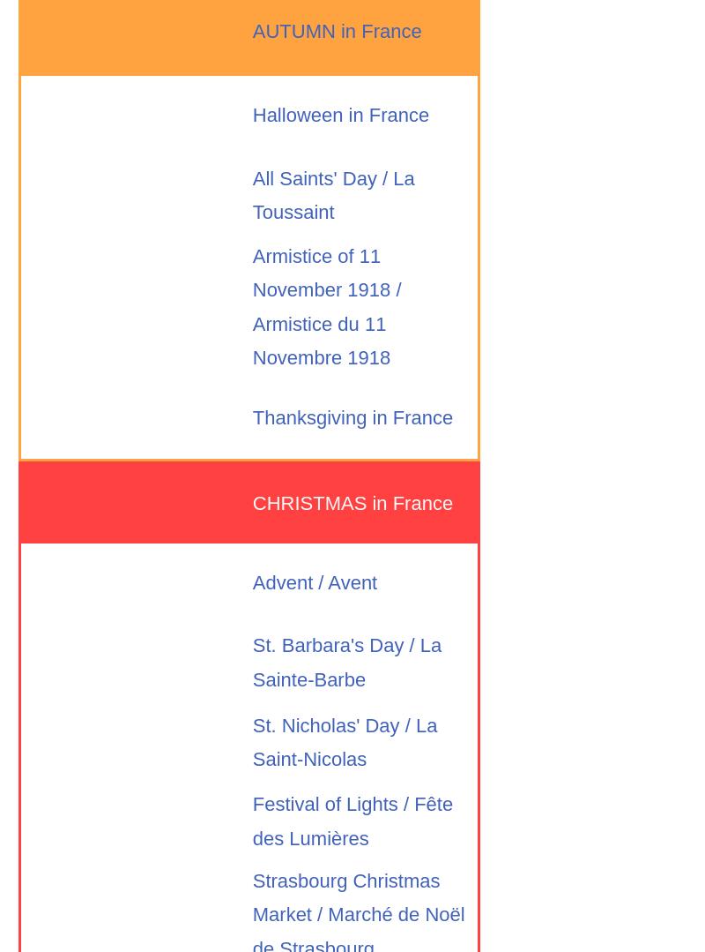 The width and height of the screenshot is (705, 952). I want to click on 'All Saints' Day / La Toussaint', so click(332, 193).